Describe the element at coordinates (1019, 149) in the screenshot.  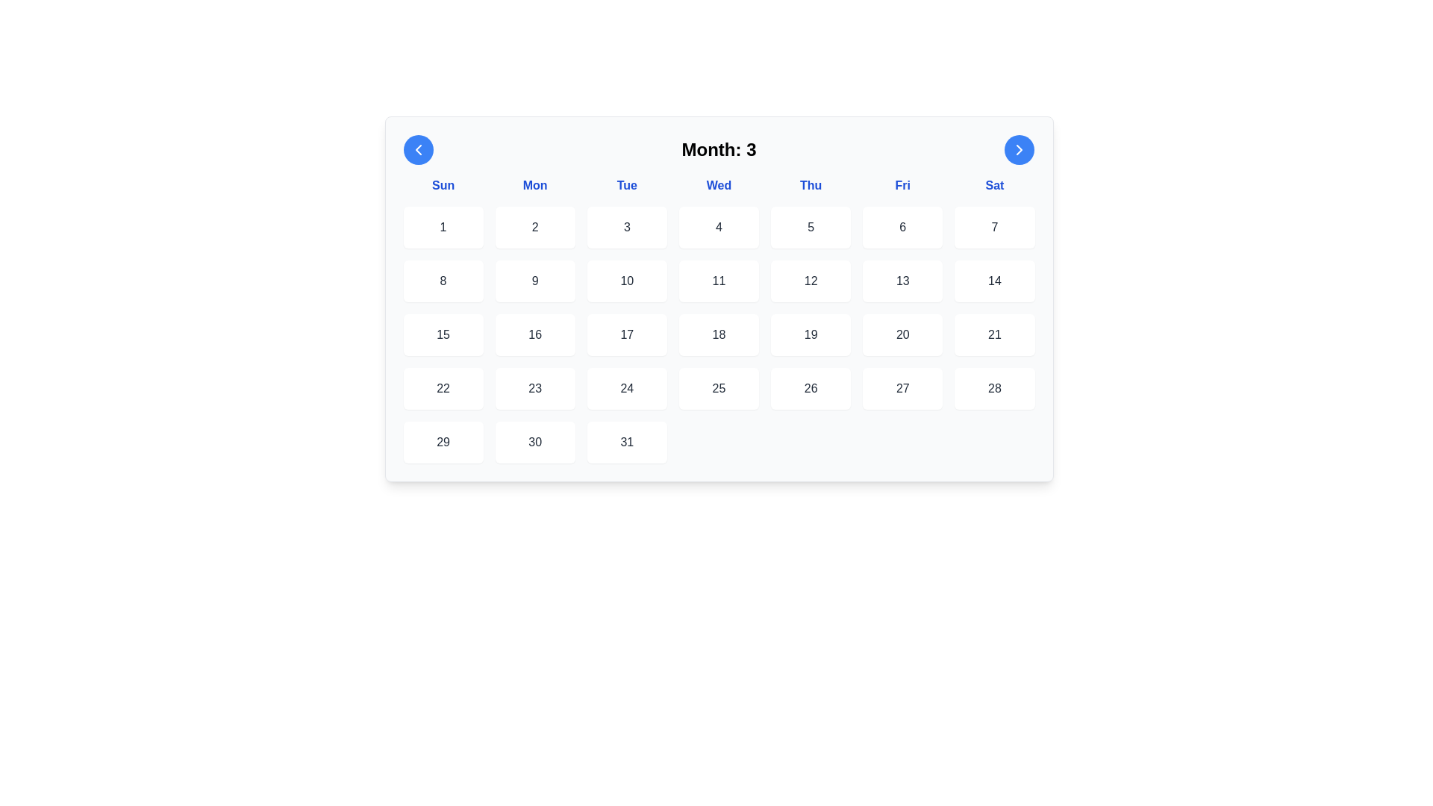
I see `the circular blue button at the top-right corner of the calendar layout` at that location.